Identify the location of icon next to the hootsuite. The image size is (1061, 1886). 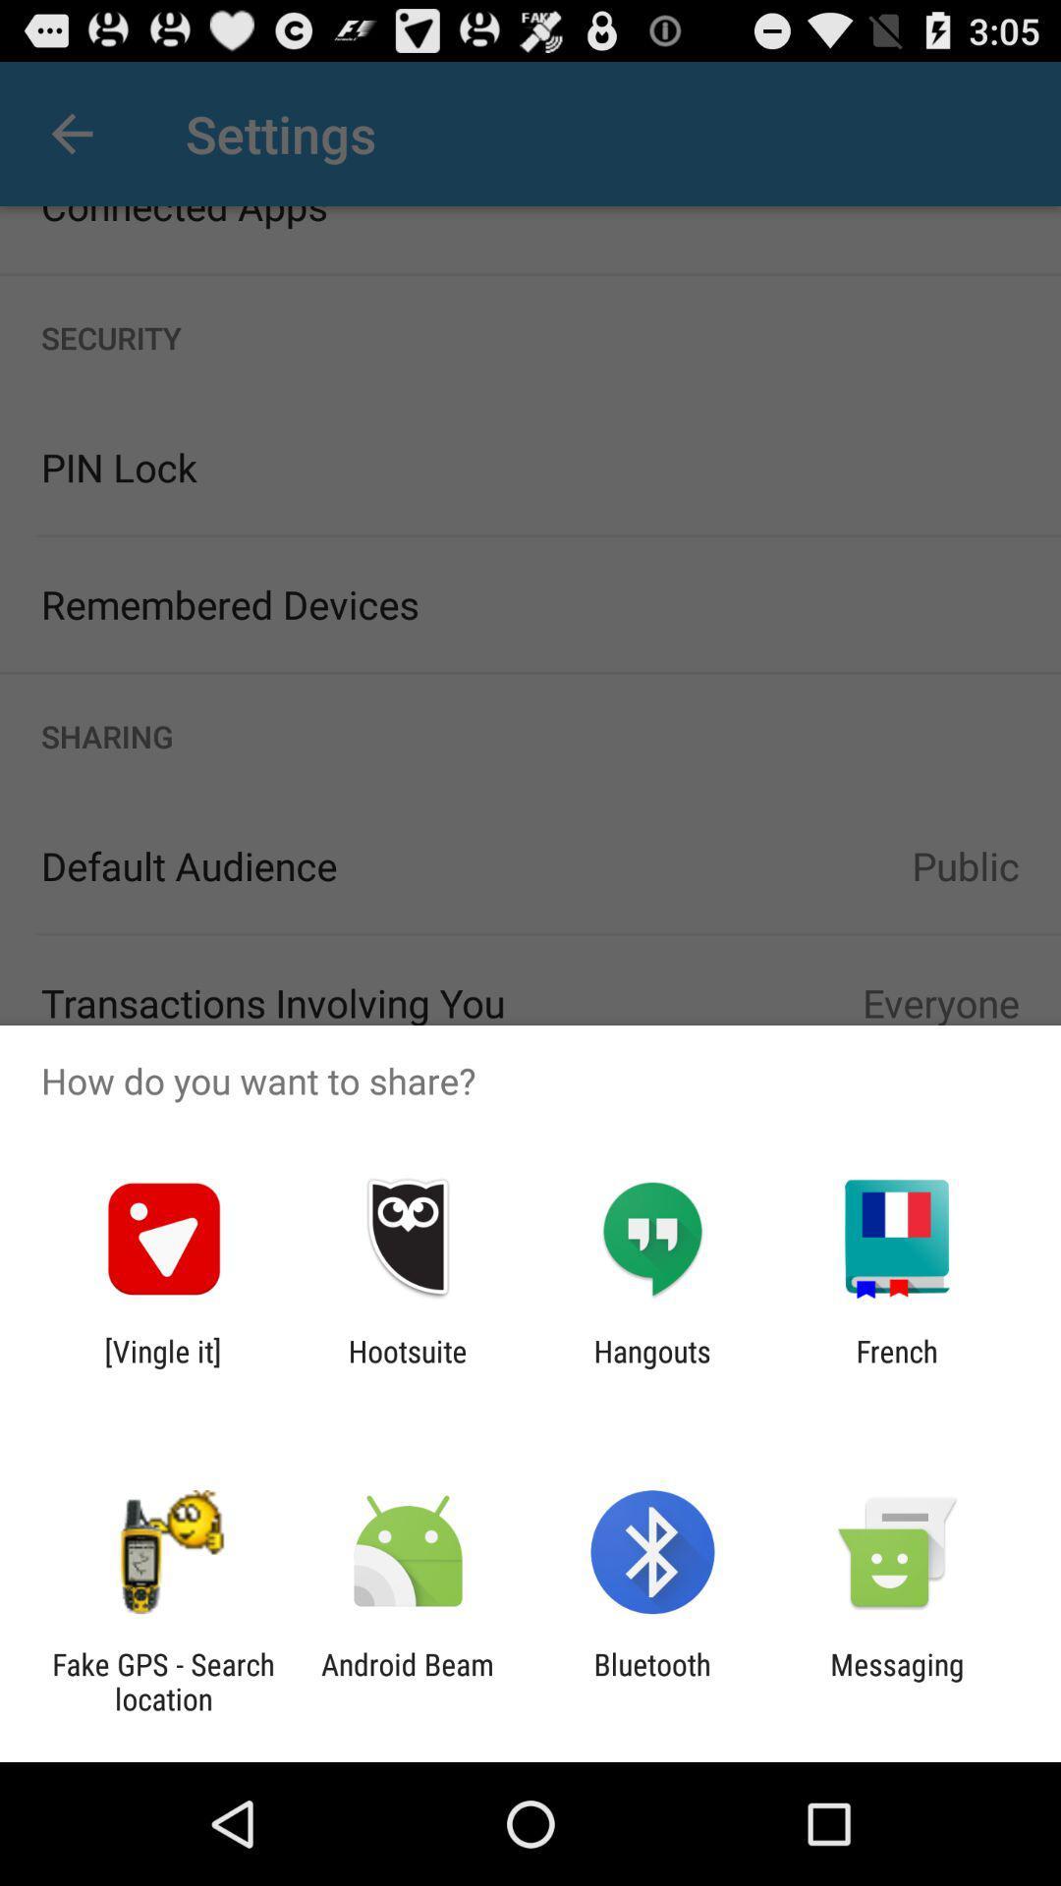
(652, 1367).